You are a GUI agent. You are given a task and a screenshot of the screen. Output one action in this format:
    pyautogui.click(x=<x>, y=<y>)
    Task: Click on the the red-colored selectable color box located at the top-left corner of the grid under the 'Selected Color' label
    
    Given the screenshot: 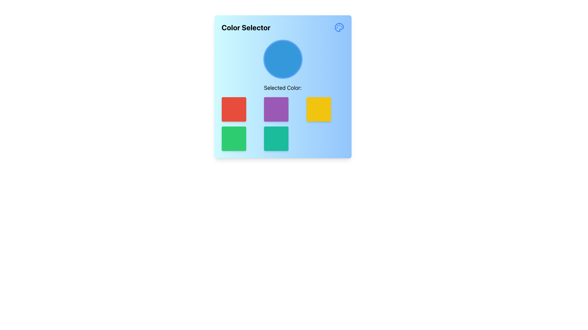 What is the action you would take?
    pyautogui.click(x=240, y=109)
    